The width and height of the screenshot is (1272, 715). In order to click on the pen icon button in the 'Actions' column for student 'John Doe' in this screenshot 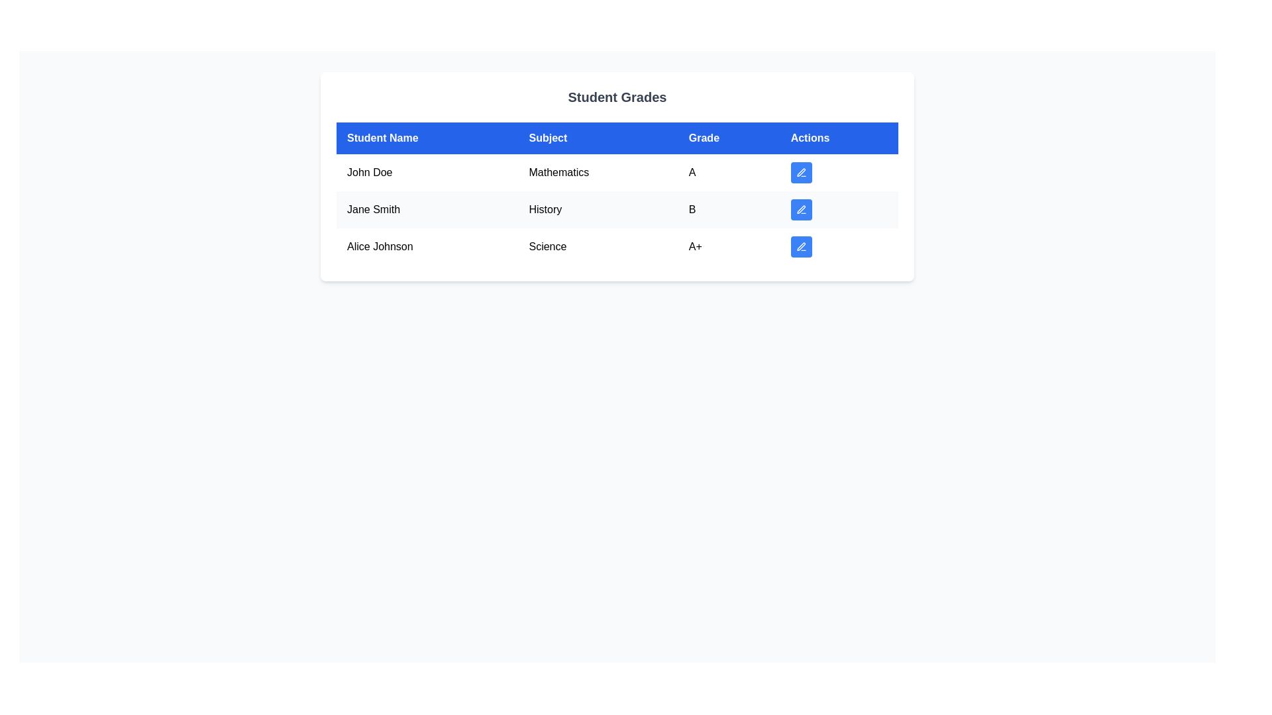, I will do `click(800, 172)`.